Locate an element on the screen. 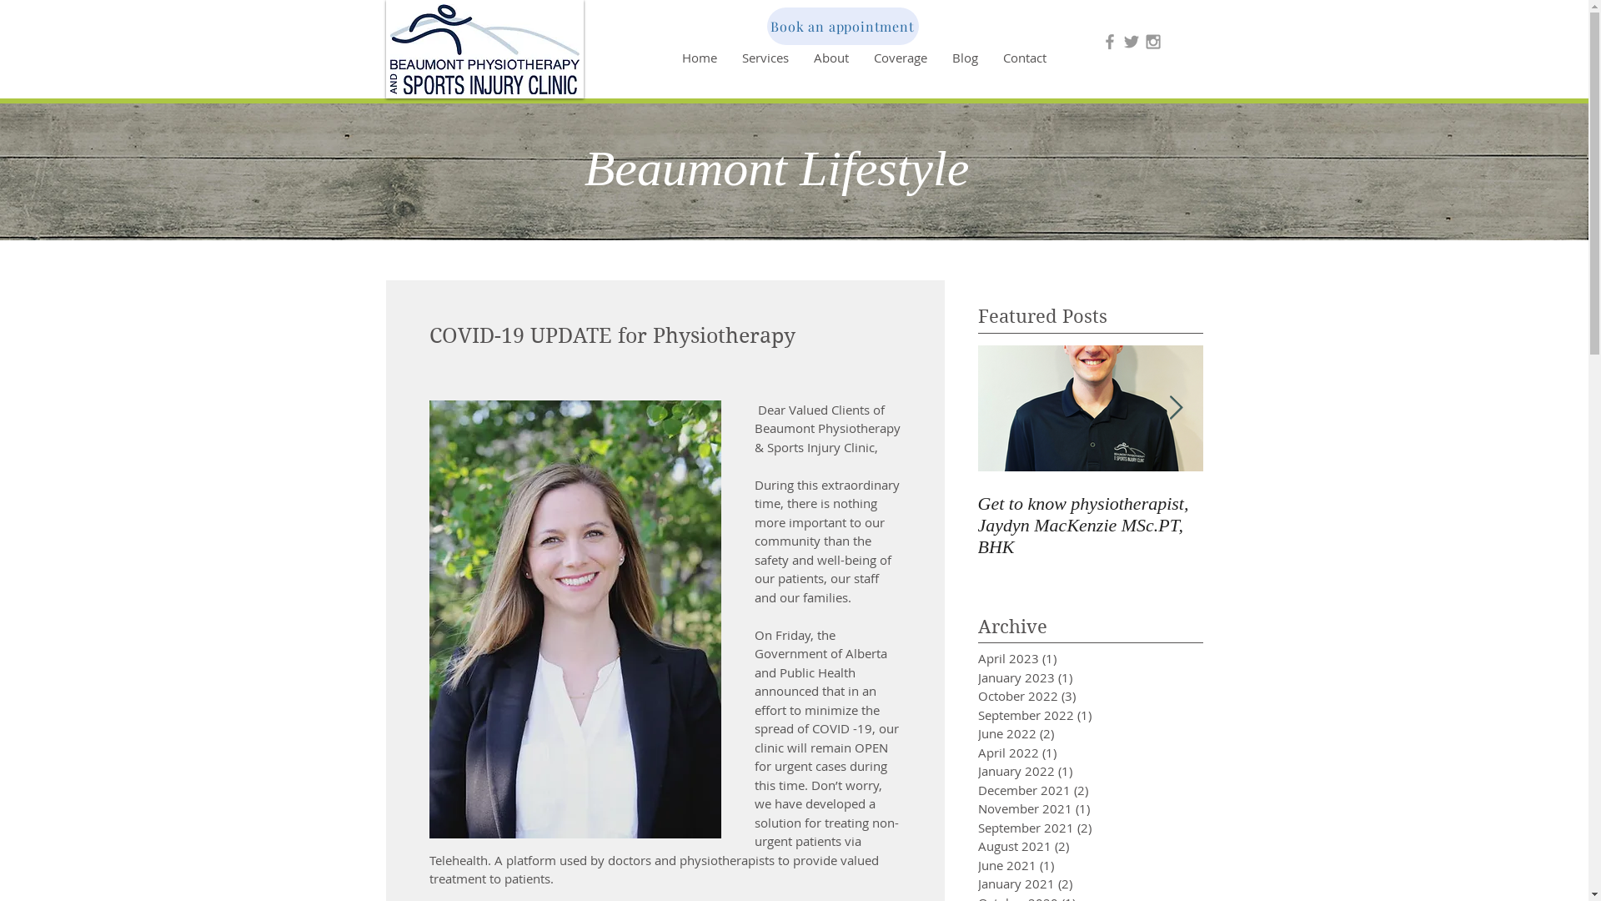 This screenshot has height=901, width=1601. 'September 2021 (2)' is located at coordinates (1063, 828).